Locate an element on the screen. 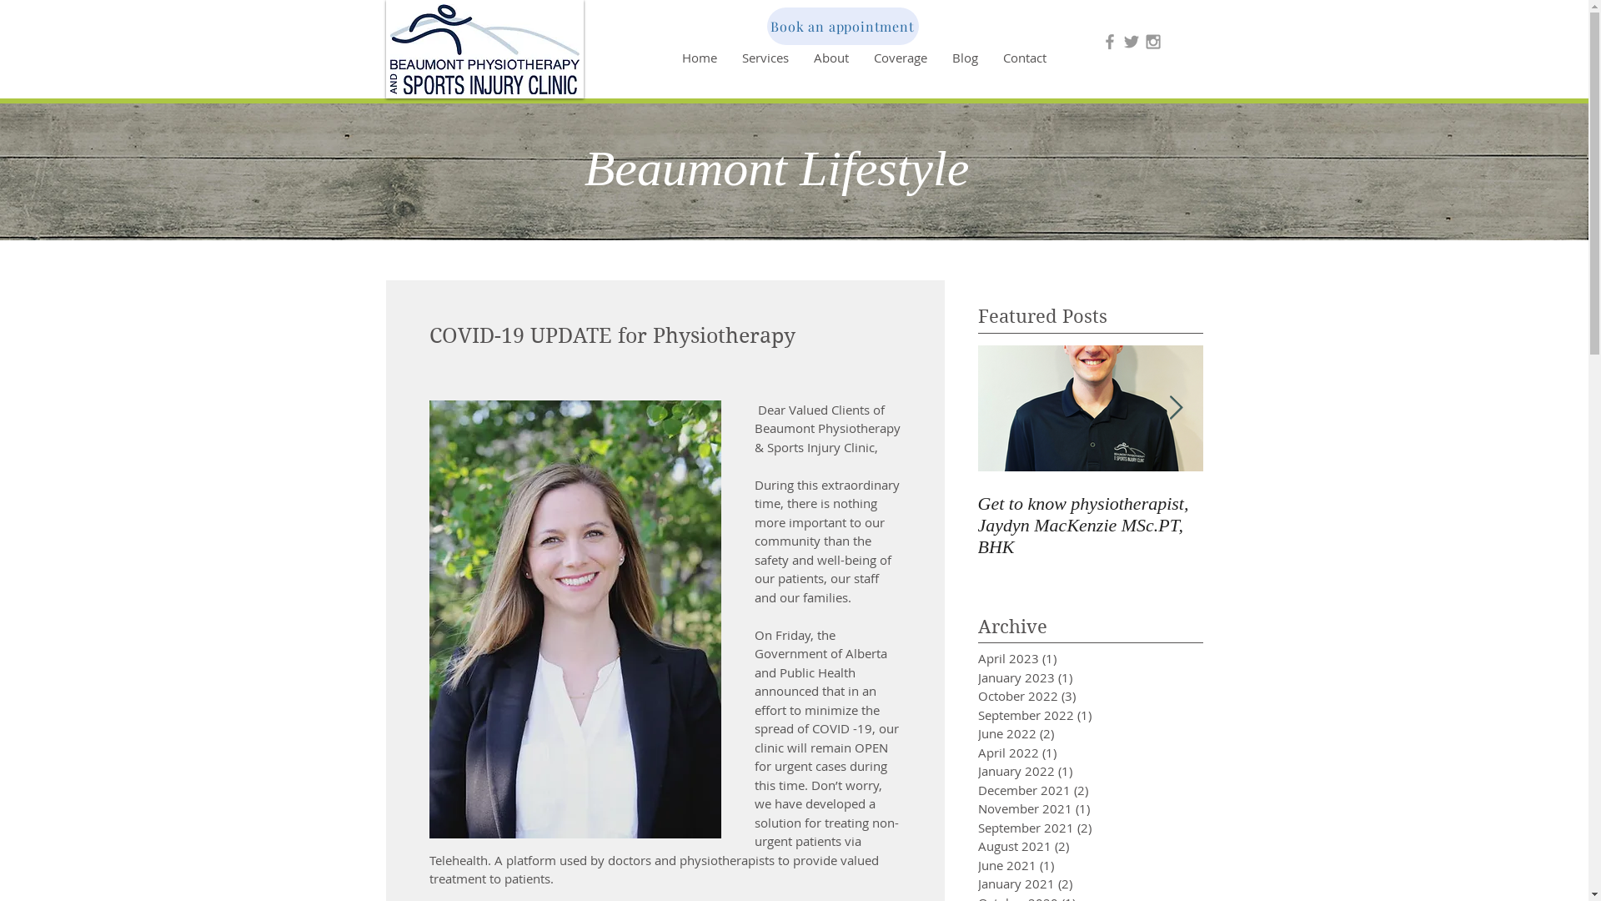 This screenshot has height=901, width=1601. 'September 2021 (2)' is located at coordinates (1063, 828).